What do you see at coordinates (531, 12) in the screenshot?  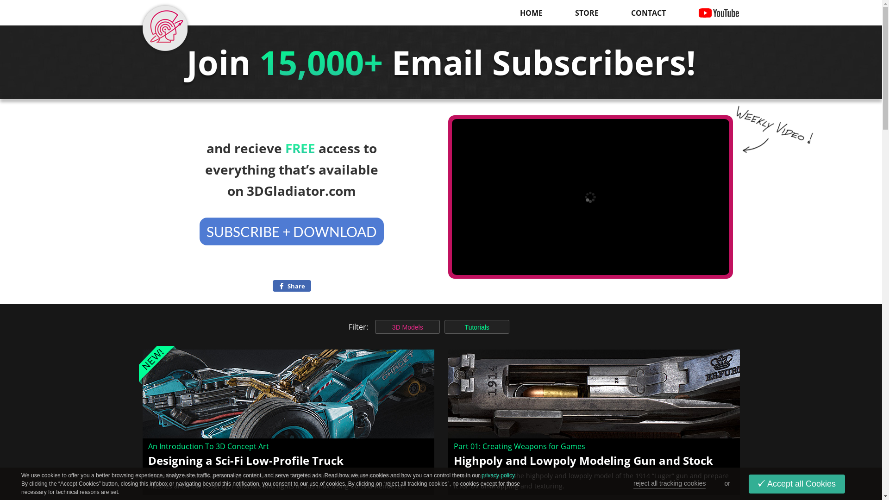 I see `'HOME'` at bounding box center [531, 12].